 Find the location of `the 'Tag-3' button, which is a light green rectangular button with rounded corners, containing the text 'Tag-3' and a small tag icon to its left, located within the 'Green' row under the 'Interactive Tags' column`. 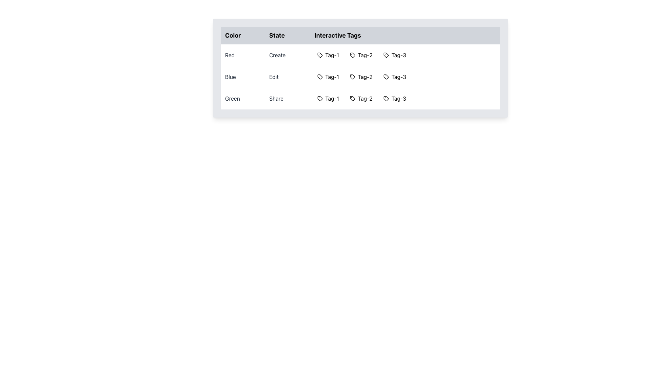

the 'Tag-3' button, which is a light green rectangular button with rounded corners, containing the text 'Tag-3' and a small tag icon to its left, located within the 'Green' row under the 'Interactive Tags' column is located at coordinates (395, 98).